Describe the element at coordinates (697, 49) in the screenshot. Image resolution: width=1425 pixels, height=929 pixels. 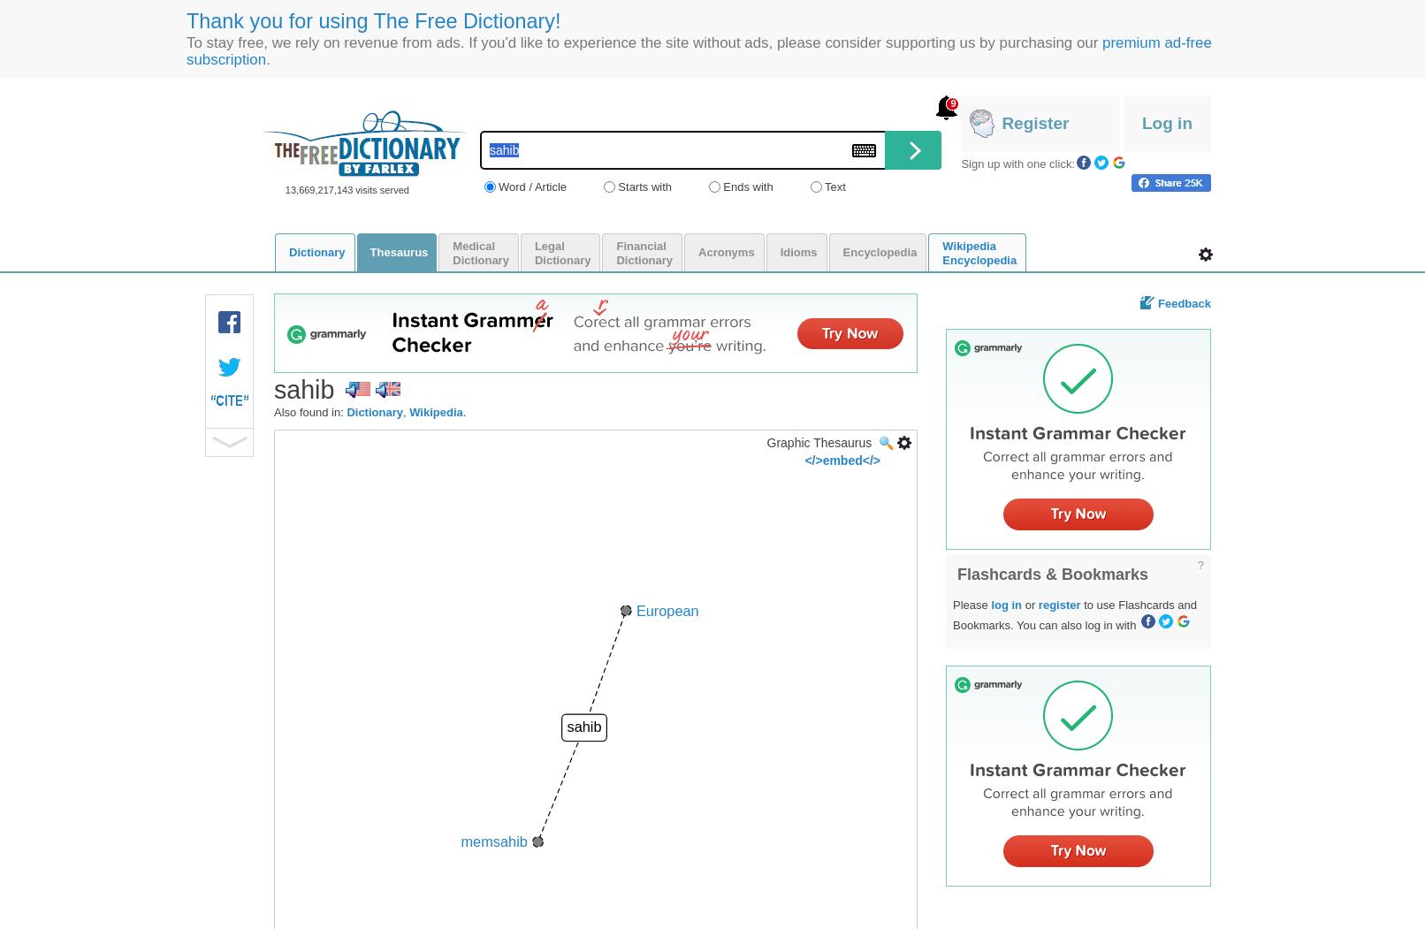
I see `'premium ad-free subscription'` at that location.